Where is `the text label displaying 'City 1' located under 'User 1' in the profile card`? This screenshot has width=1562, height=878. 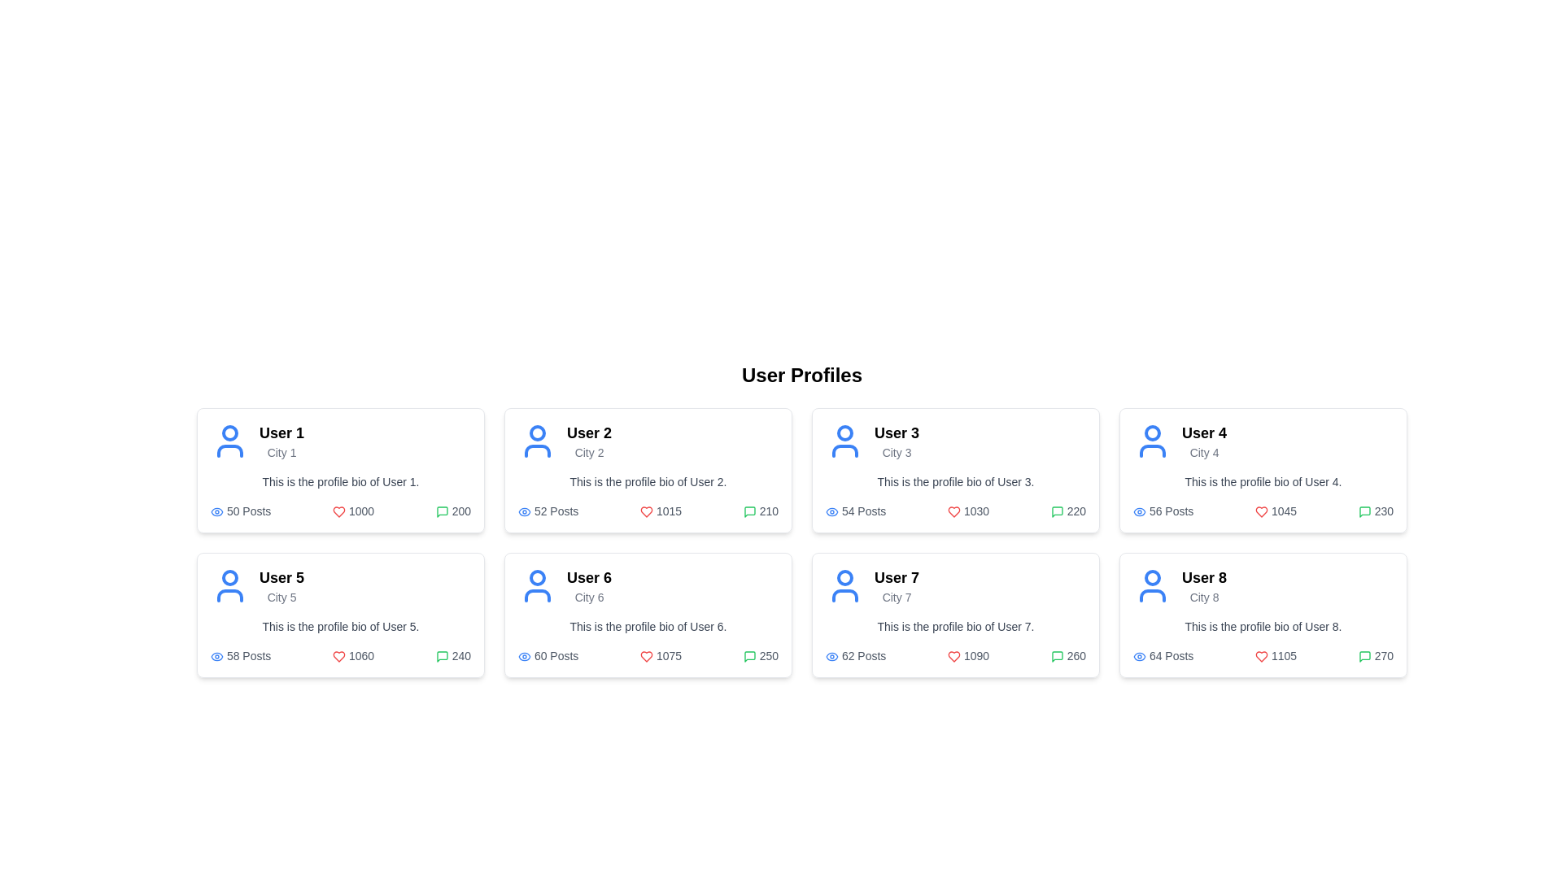 the text label displaying 'City 1' located under 'User 1' in the profile card is located at coordinates (281, 452).